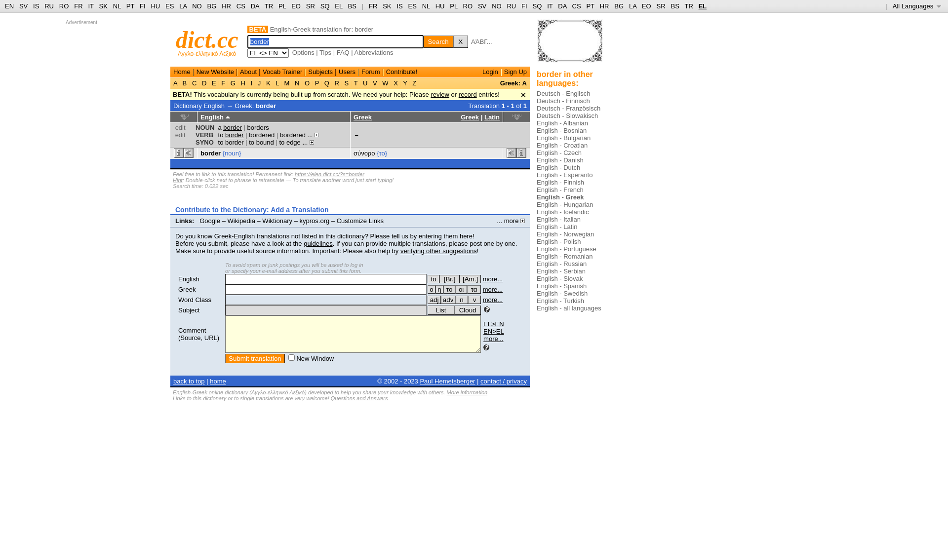 The height and width of the screenshot is (533, 948). What do you see at coordinates (560, 190) in the screenshot?
I see `'English - French'` at bounding box center [560, 190].